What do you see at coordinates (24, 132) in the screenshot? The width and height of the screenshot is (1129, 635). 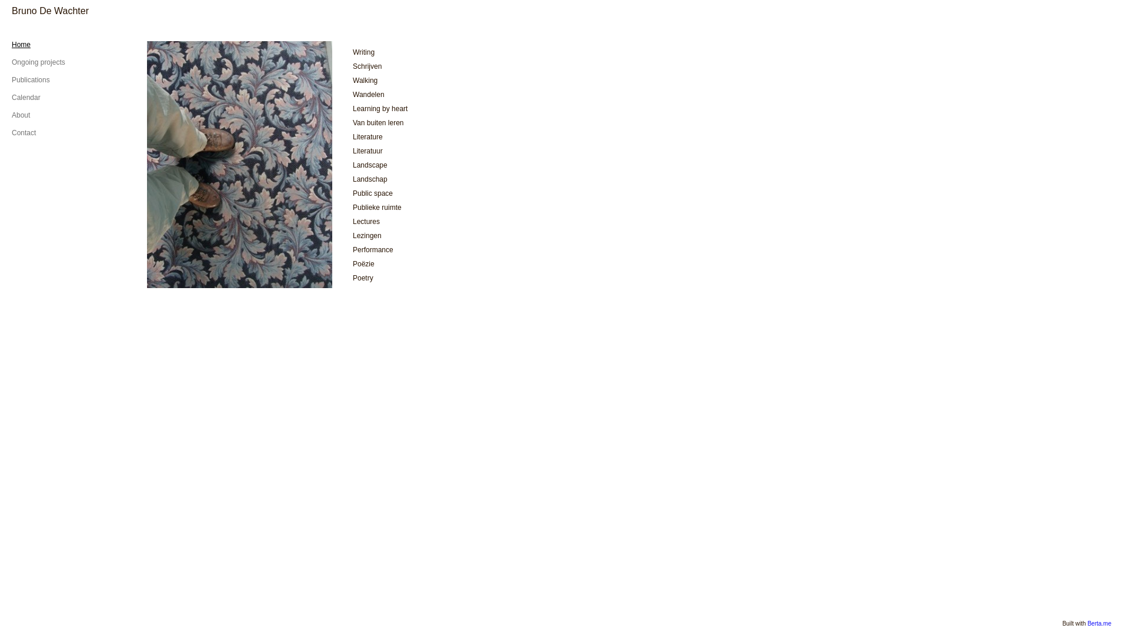 I see `'Contact'` at bounding box center [24, 132].